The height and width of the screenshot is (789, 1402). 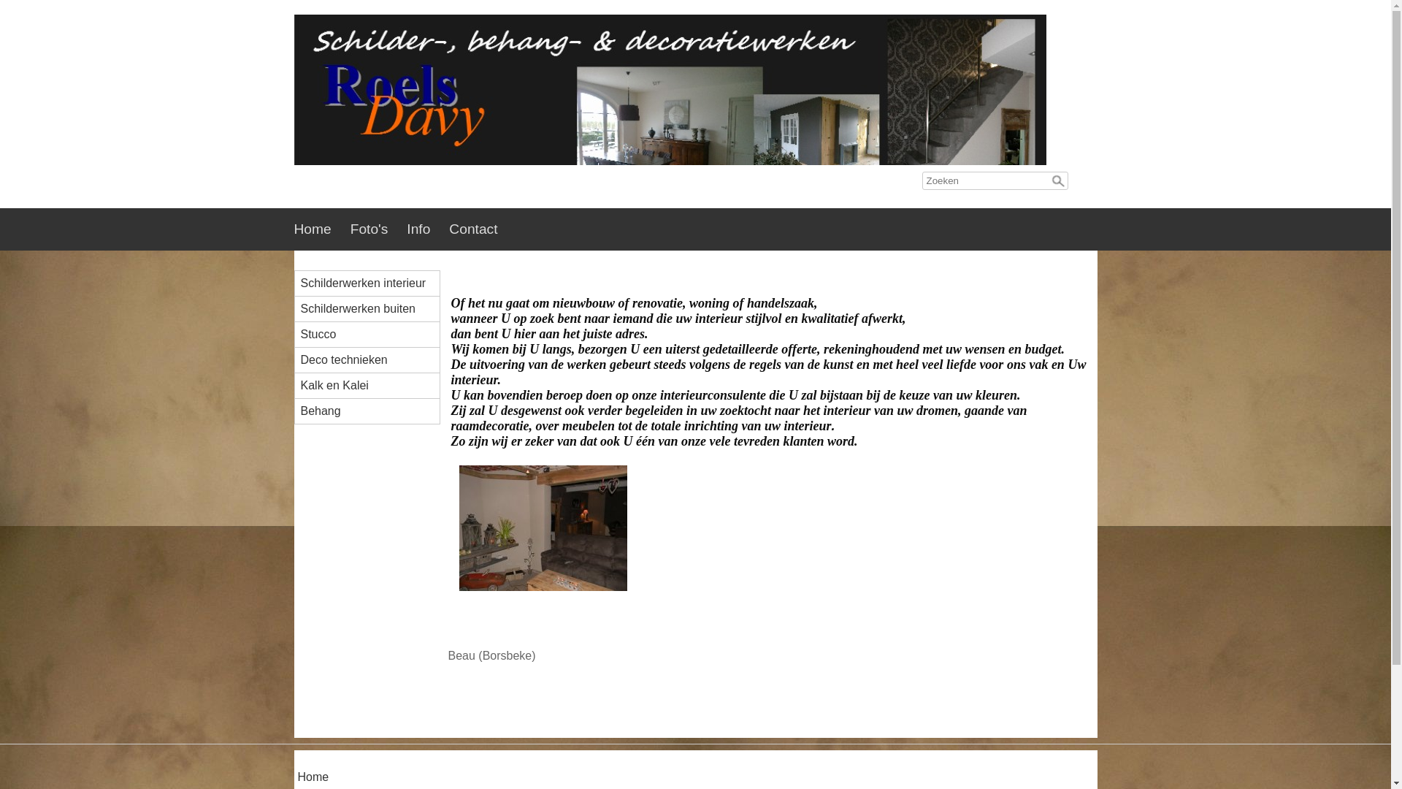 I want to click on 'Foto's', so click(x=378, y=229).